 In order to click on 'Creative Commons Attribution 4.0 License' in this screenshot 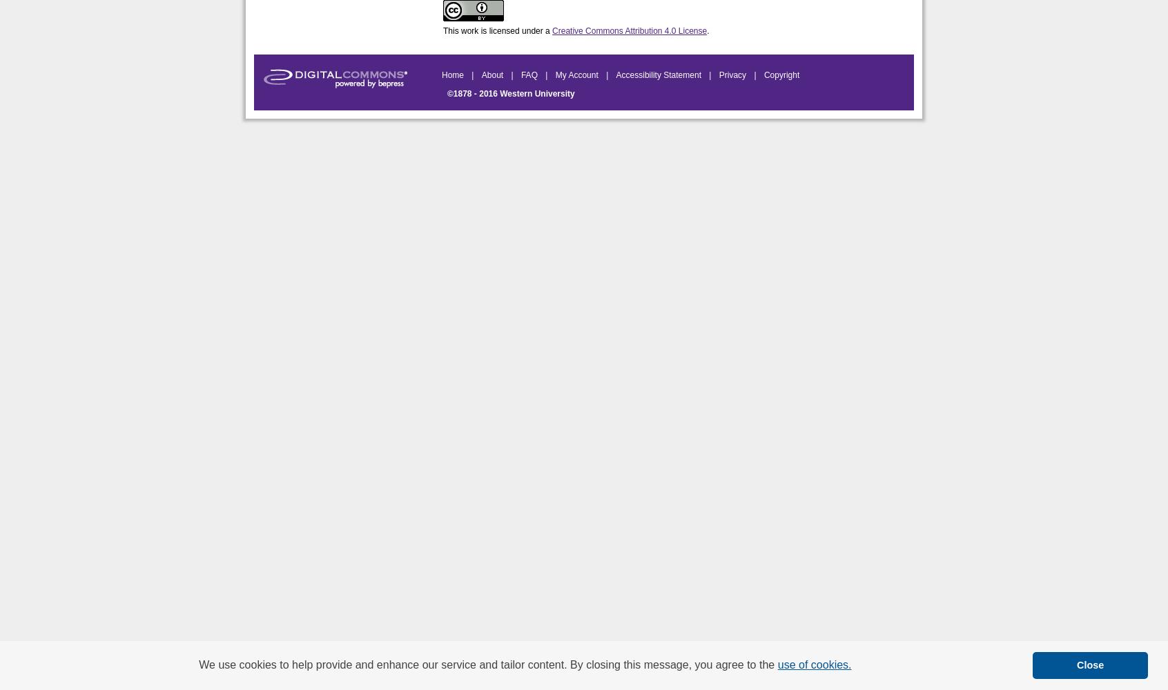, I will do `click(628, 31)`.